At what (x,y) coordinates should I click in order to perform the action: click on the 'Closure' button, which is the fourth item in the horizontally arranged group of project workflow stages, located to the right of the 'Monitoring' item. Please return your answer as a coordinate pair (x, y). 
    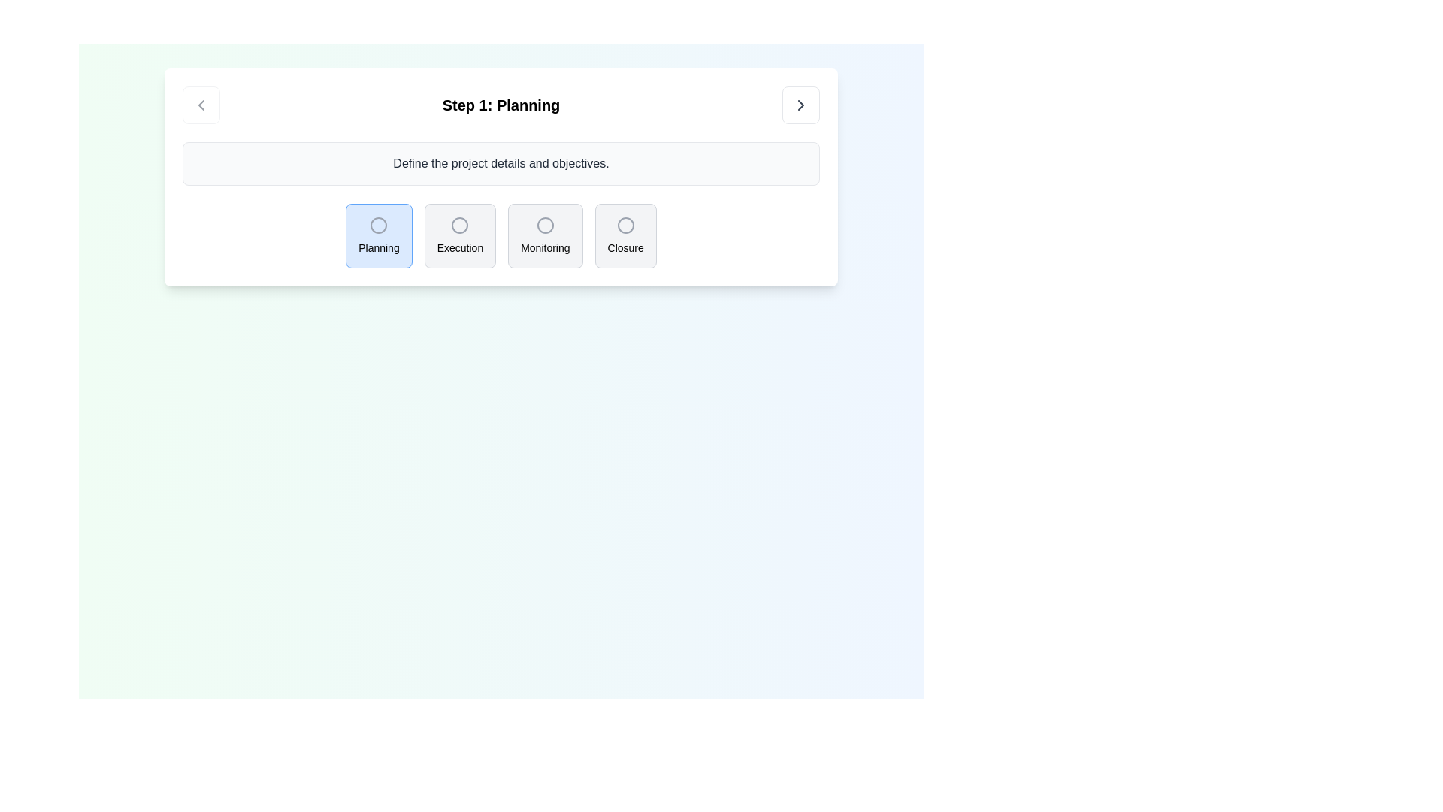
    Looking at the image, I should click on (625, 235).